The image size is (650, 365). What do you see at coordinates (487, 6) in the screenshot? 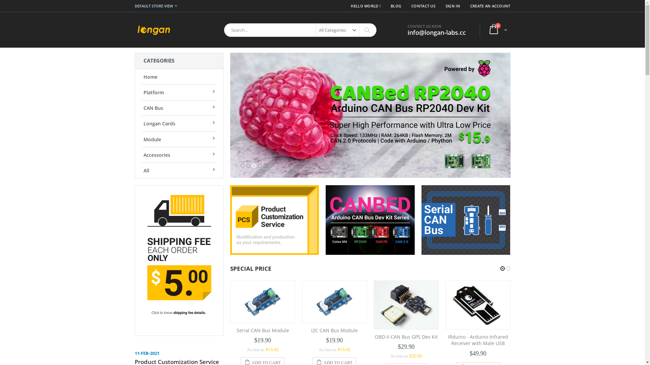
I see `'CREATE AN ACCOUNT'` at bounding box center [487, 6].